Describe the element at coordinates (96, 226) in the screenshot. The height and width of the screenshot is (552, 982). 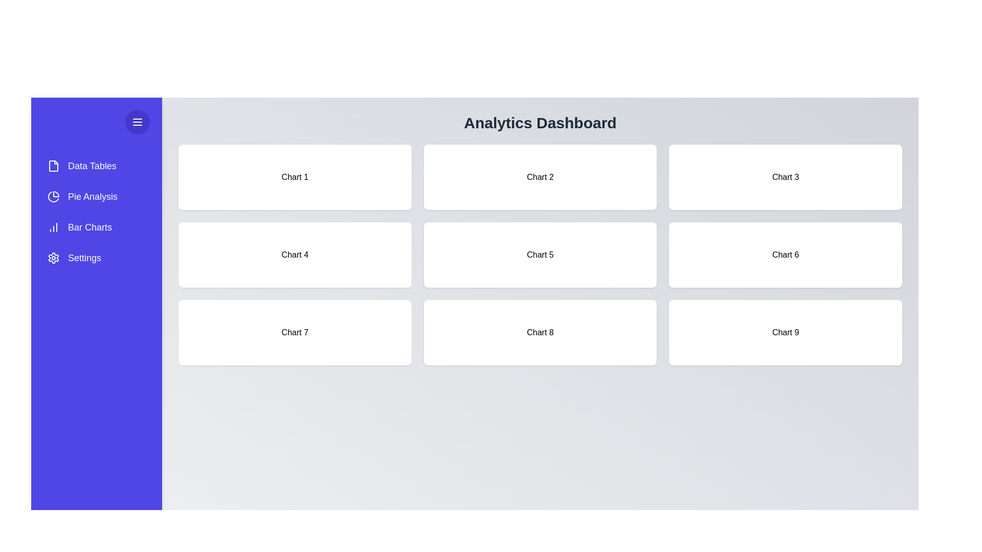
I see `the menu item Bar Charts from the drawer` at that location.